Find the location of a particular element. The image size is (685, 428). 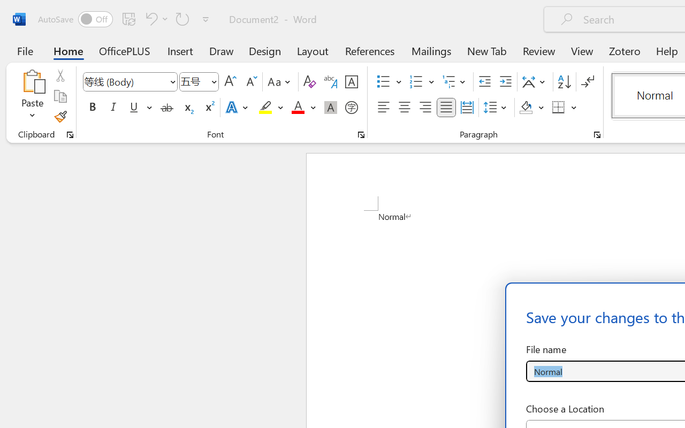

'Change Case' is located at coordinates (280, 82).